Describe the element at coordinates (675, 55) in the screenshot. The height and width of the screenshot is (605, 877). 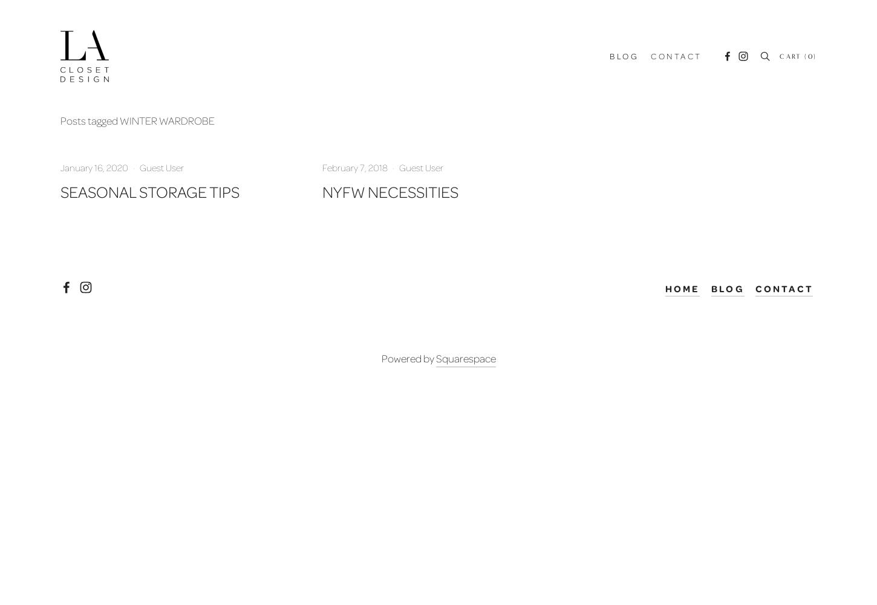
I see `'CONTACT'` at that location.